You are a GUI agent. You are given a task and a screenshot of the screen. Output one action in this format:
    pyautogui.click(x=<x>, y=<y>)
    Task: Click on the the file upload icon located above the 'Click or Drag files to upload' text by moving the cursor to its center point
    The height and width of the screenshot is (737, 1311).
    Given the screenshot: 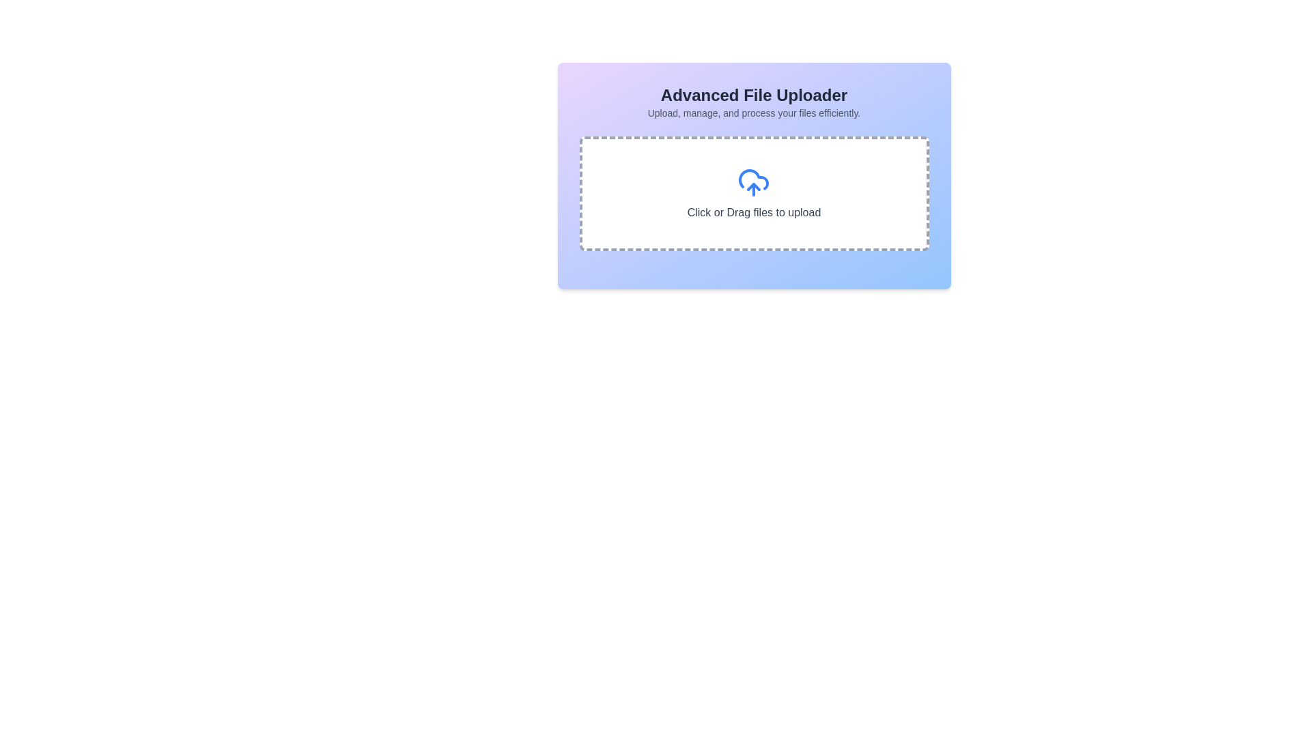 What is the action you would take?
    pyautogui.click(x=753, y=182)
    